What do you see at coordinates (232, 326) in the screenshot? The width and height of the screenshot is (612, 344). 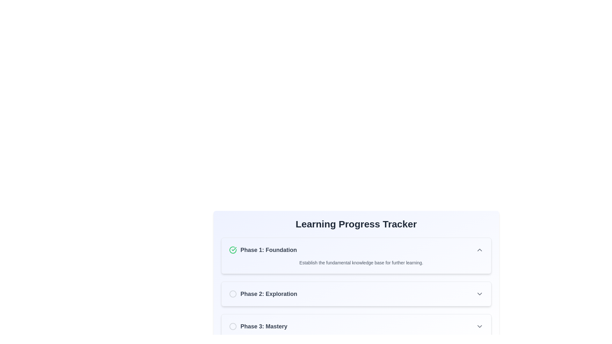 I see `the circular gray-outlined icon located to the left of the text 'Phase 3: Mastery', which serves as a marker for this phase` at bounding box center [232, 326].